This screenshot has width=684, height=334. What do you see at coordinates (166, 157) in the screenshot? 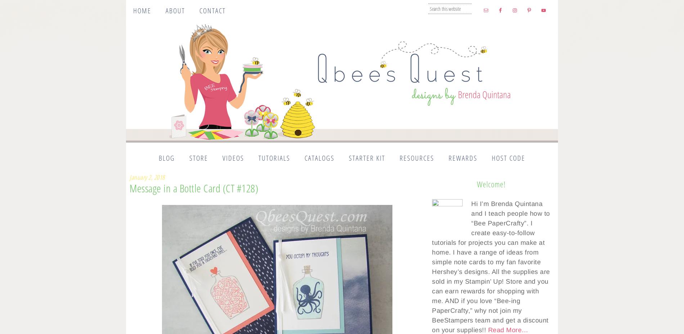
I see `'Blog'` at bounding box center [166, 157].